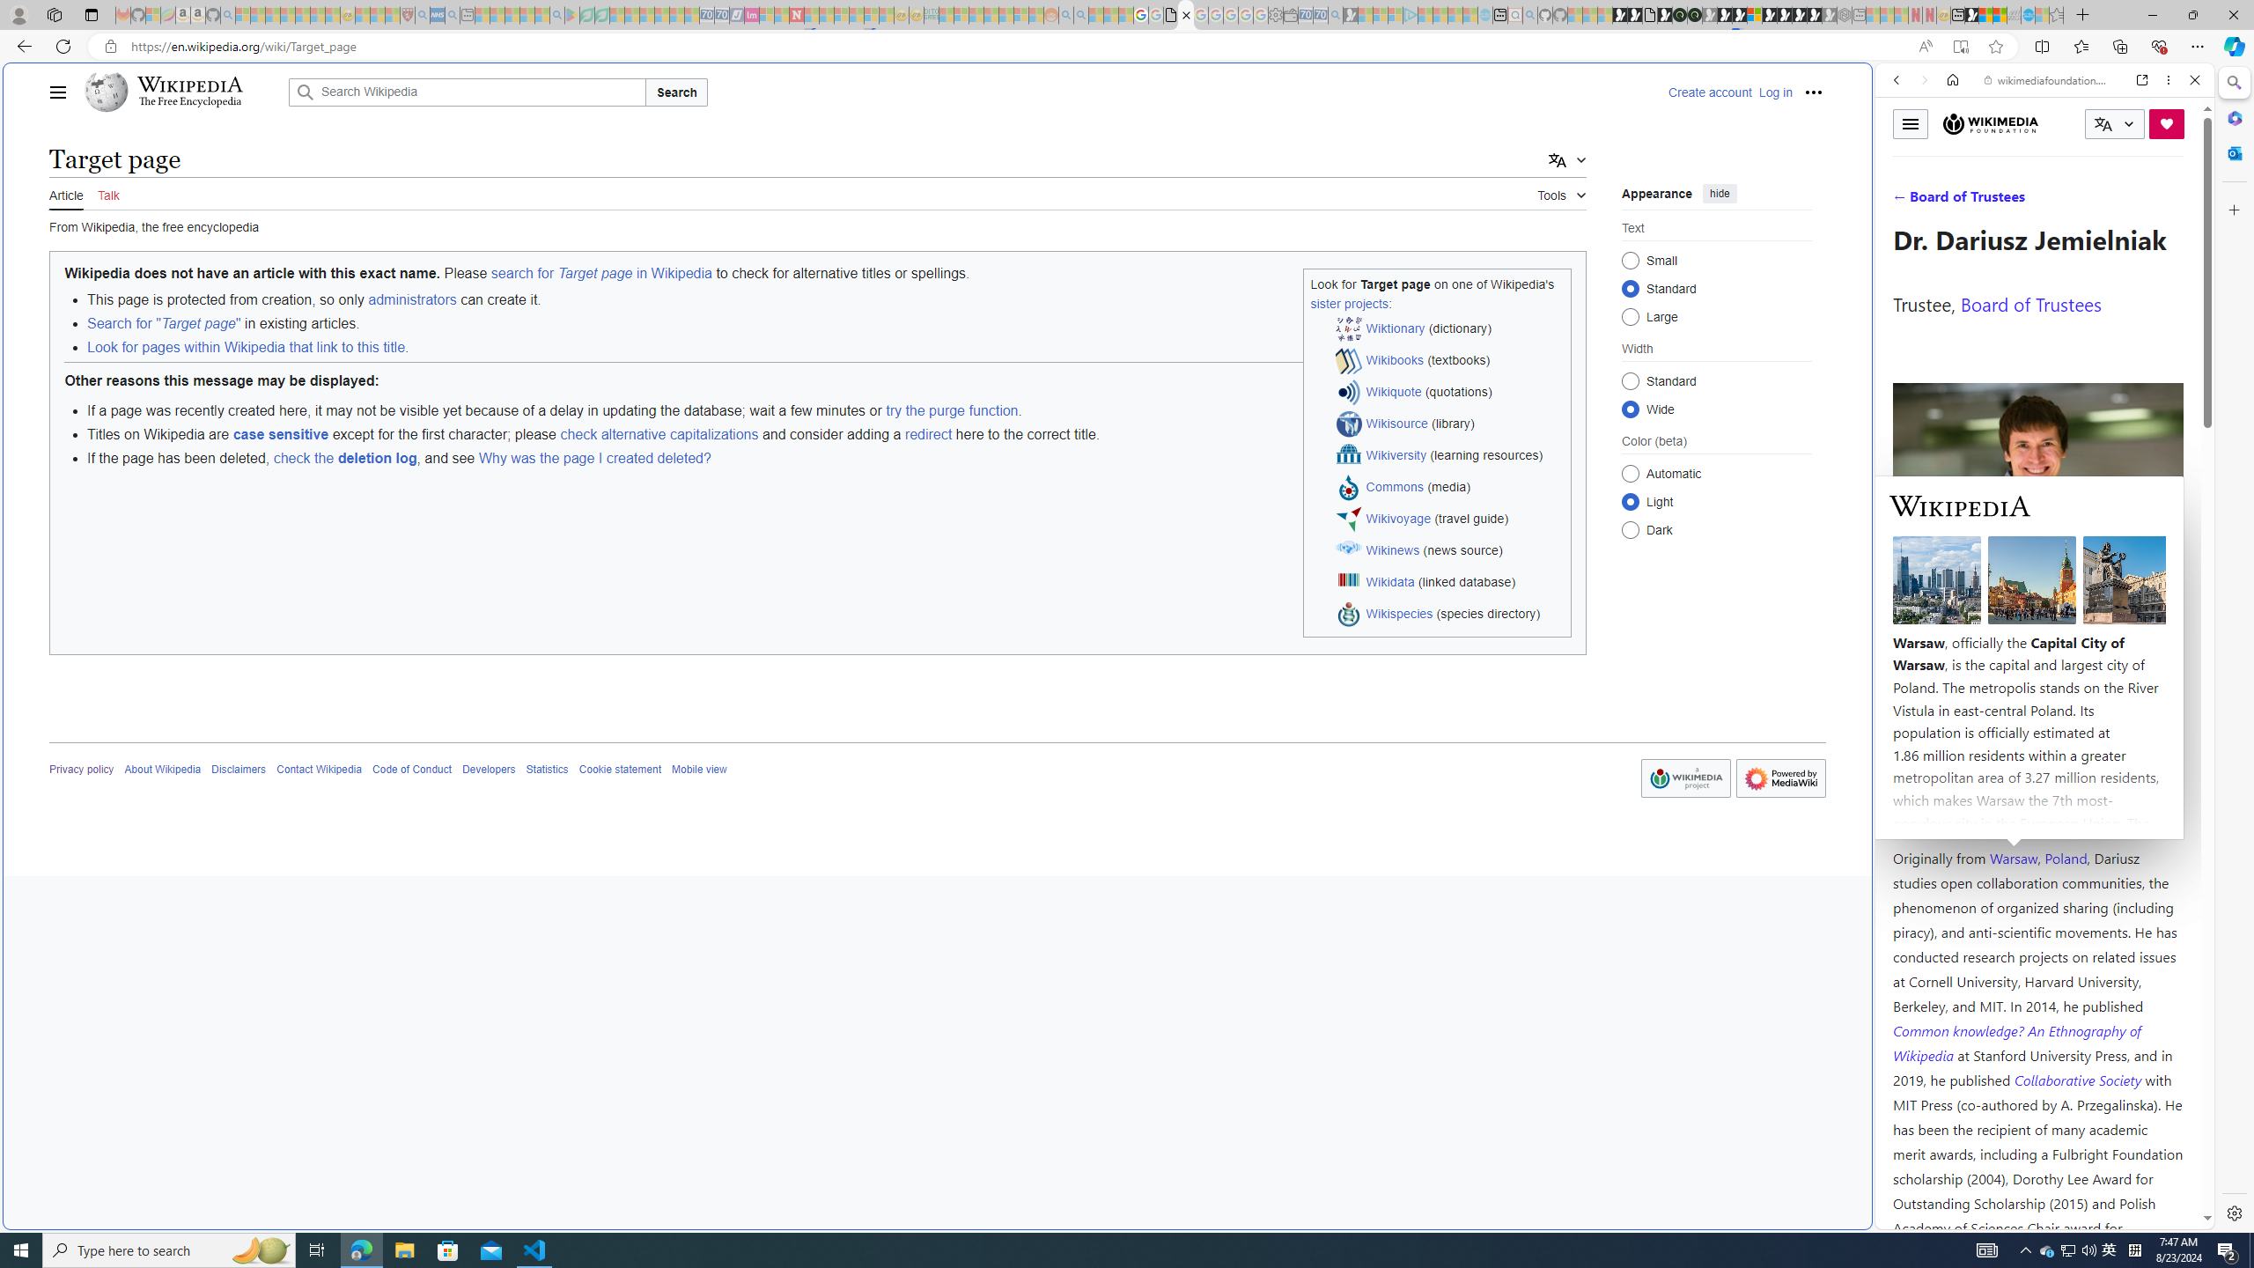  I want to click on 'Preferences', so click(2174, 200).